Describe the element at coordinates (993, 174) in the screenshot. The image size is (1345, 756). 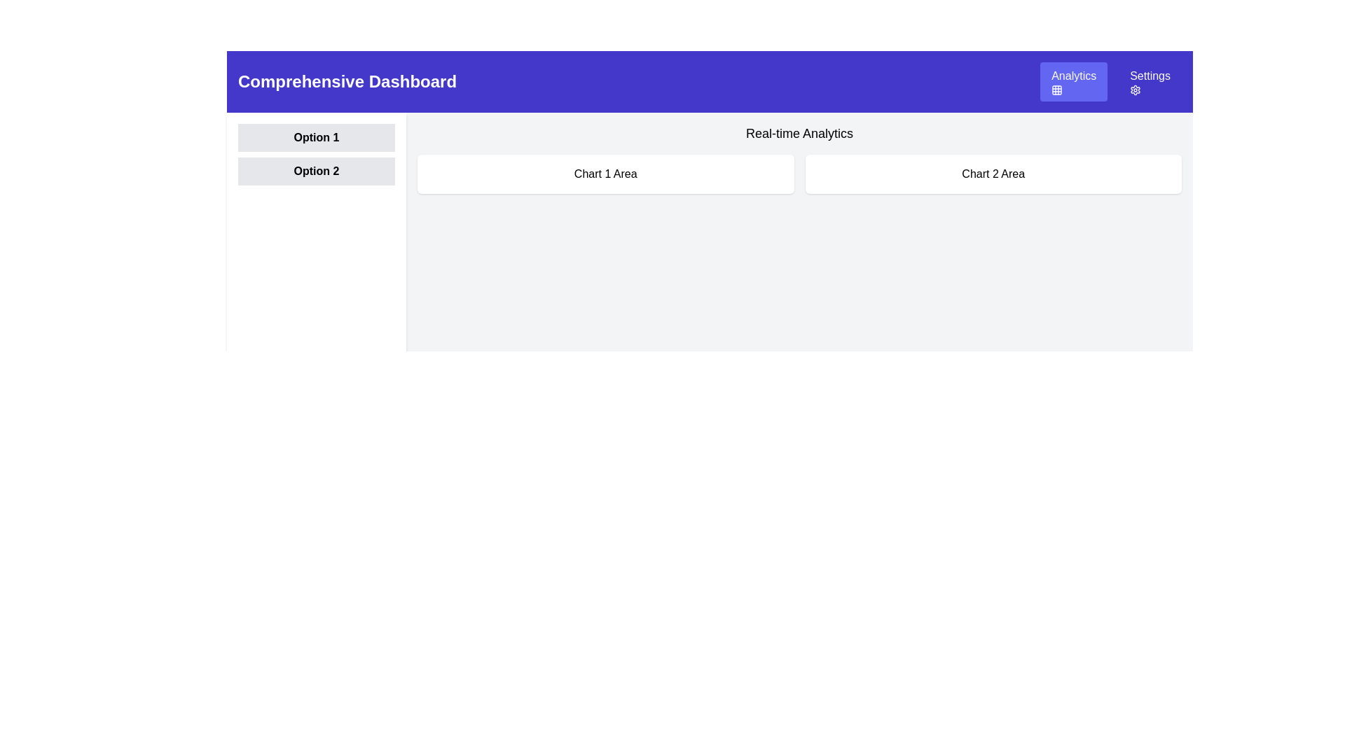
I see `title of the rectangular module with a white background and rounded corners that contains the text 'Chart 2 Area' in black, located on the right side of the layout` at that location.